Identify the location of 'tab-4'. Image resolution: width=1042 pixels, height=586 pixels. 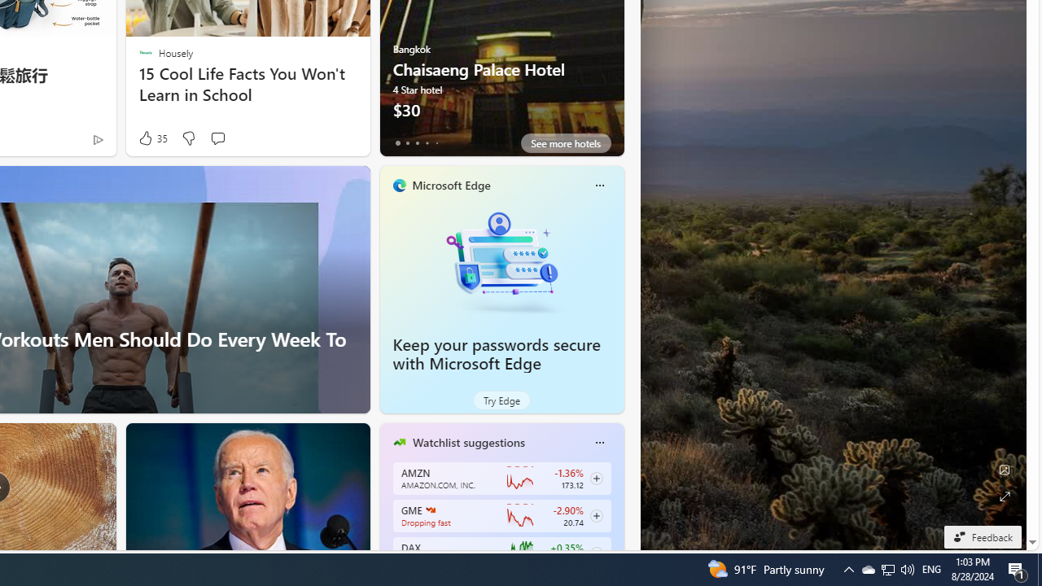
(436, 142).